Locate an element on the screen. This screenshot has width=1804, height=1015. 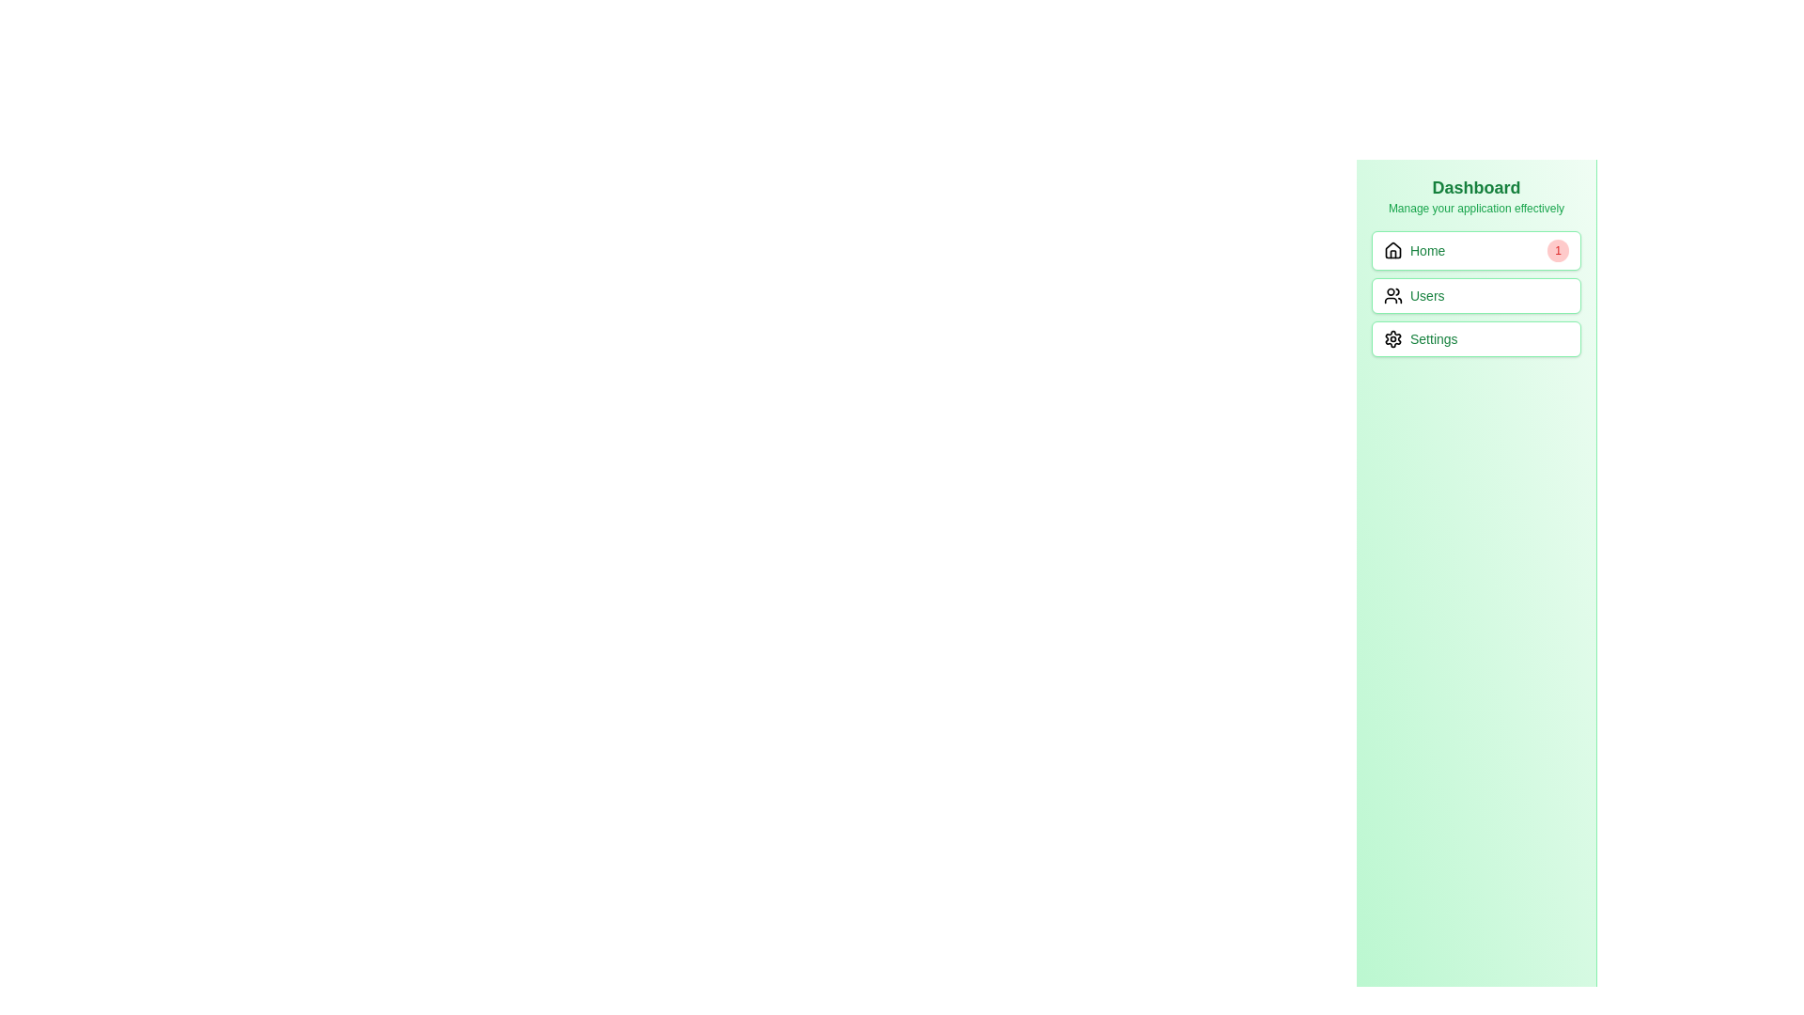
the bold green text label reading 'Dashboard', which is prominently displayed at the top of a green background area is located at coordinates (1475, 188).